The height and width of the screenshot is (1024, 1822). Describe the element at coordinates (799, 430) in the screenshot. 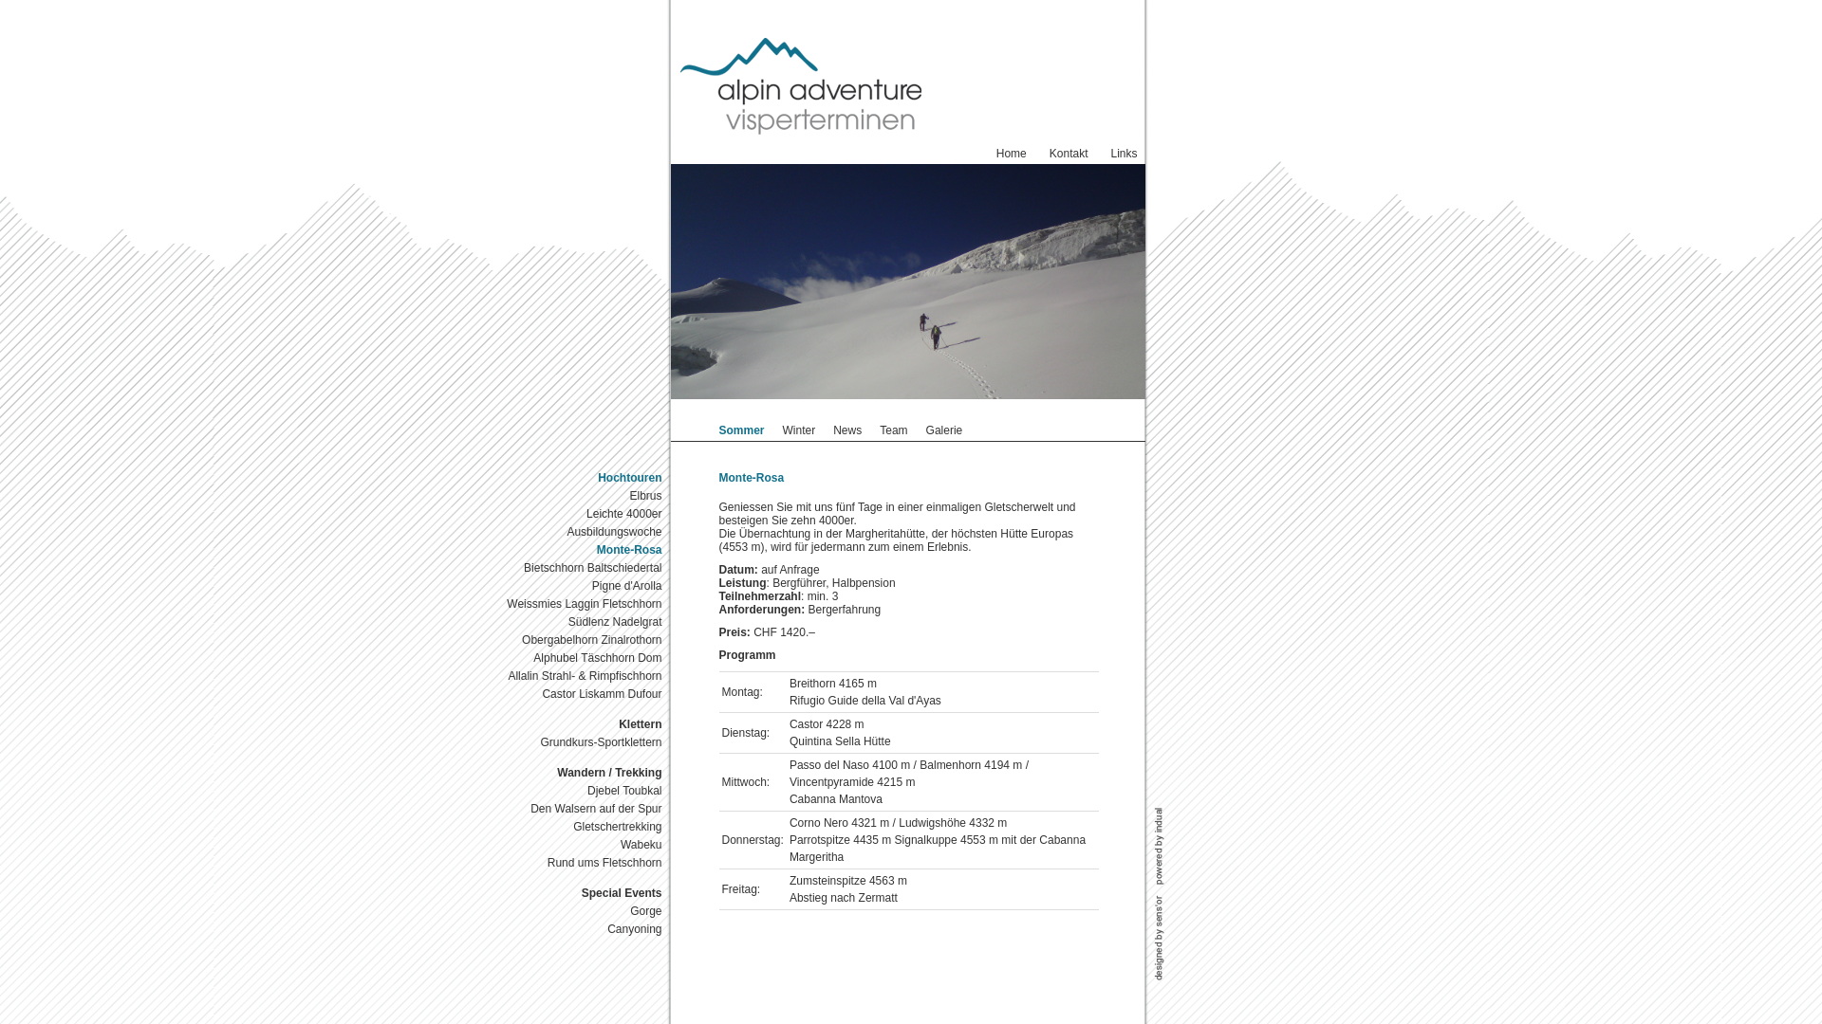

I see `'Winter'` at that location.